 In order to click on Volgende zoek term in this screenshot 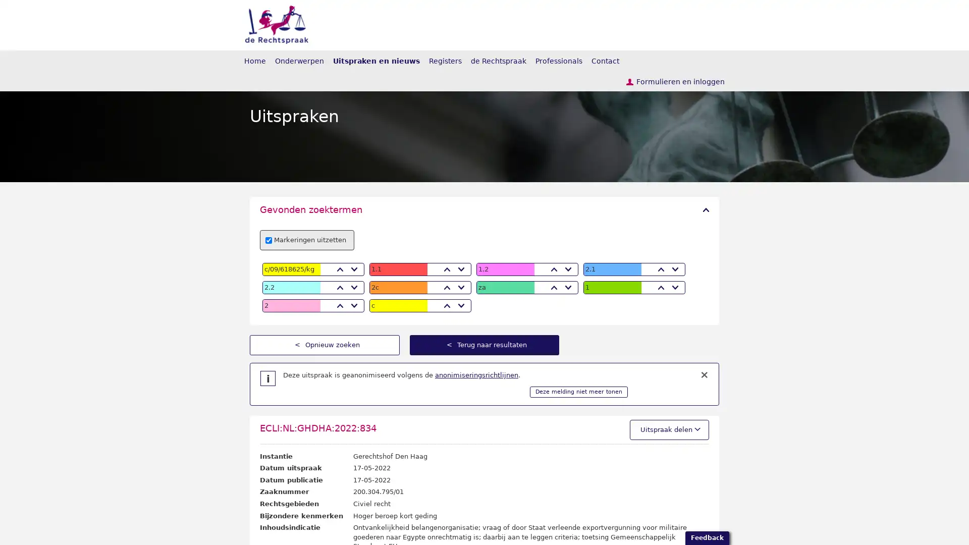, I will do `click(675, 287)`.